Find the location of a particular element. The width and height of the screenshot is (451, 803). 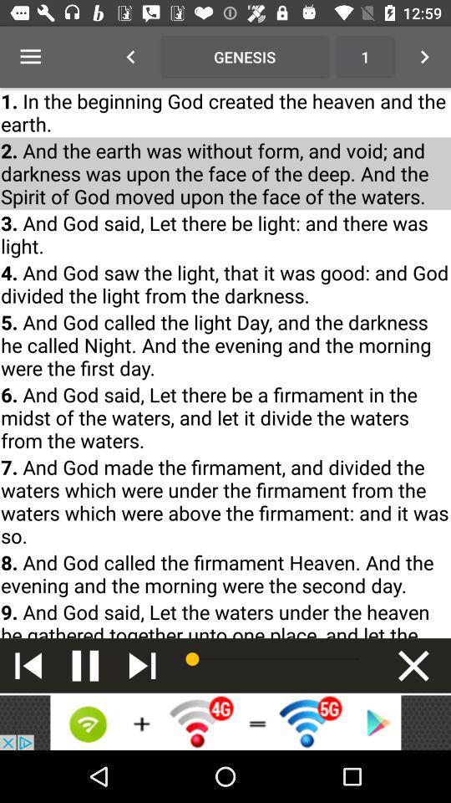

the close icon is located at coordinates (413, 665).